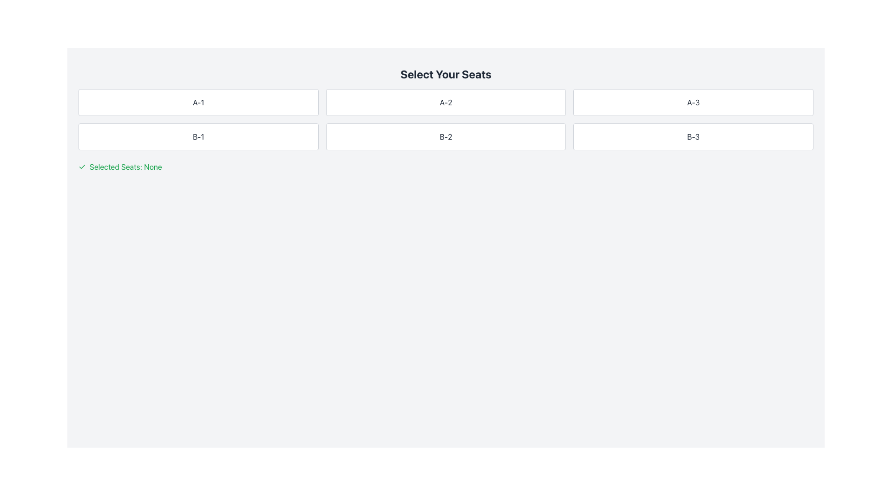 The image size is (892, 501). Describe the element at coordinates (446, 136) in the screenshot. I see `the button in the second row and second column of the grid` at that location.